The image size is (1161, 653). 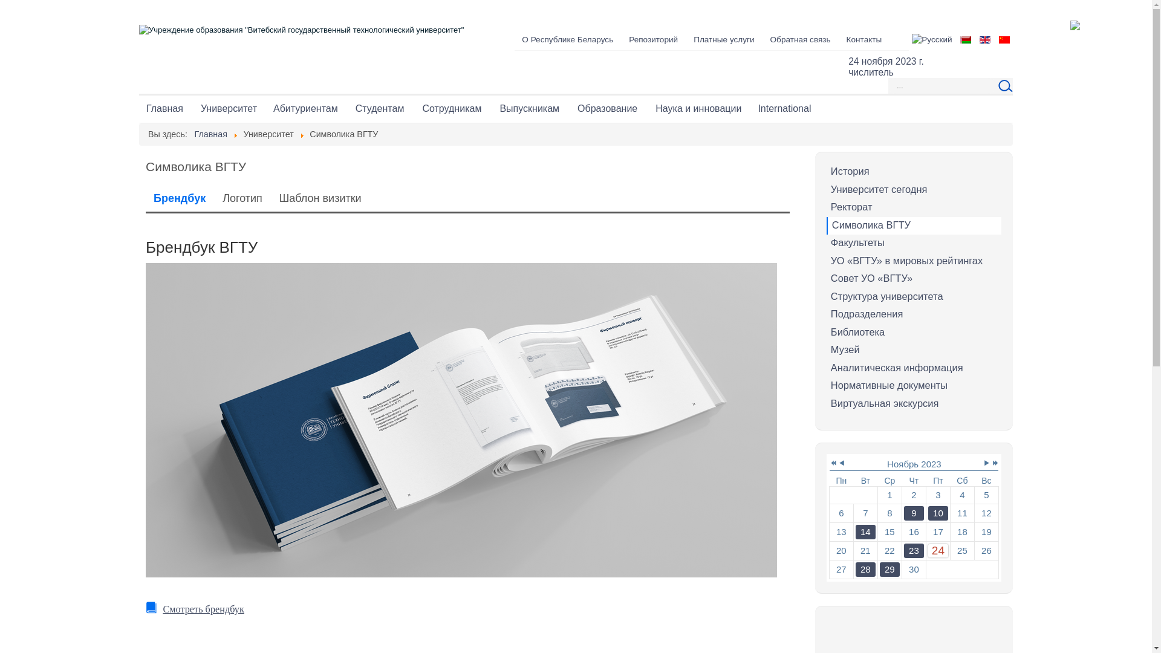 What do you see at coordinates (905, 513) in the screenshot?
I see `'9'` at bounding box center [905, 513].